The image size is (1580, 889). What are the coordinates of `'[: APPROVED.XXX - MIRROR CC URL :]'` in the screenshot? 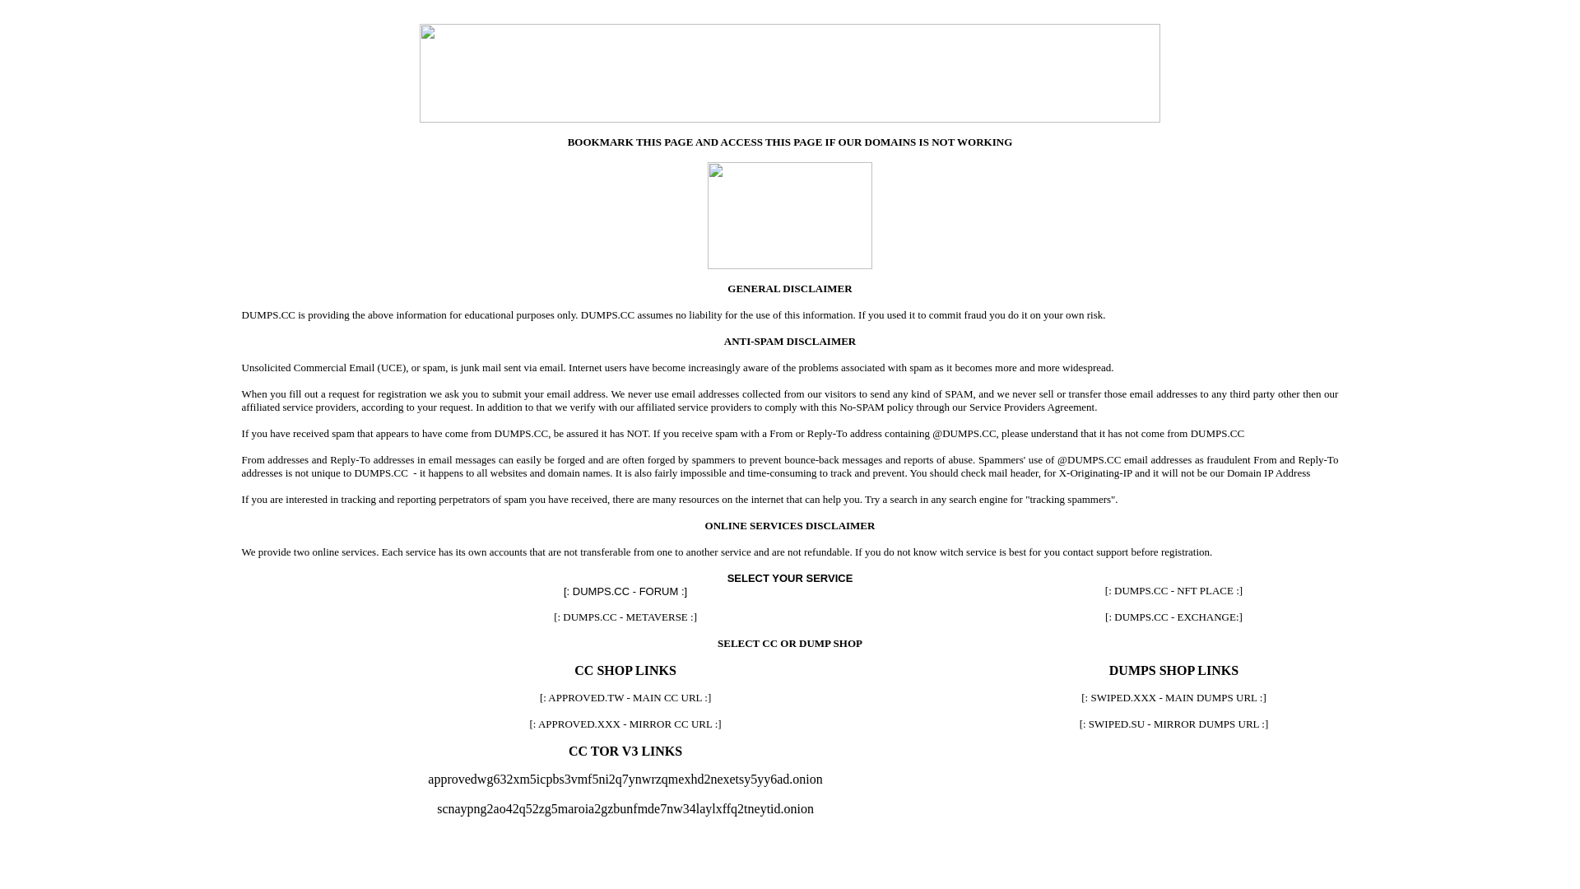 It's located at (624, 723).